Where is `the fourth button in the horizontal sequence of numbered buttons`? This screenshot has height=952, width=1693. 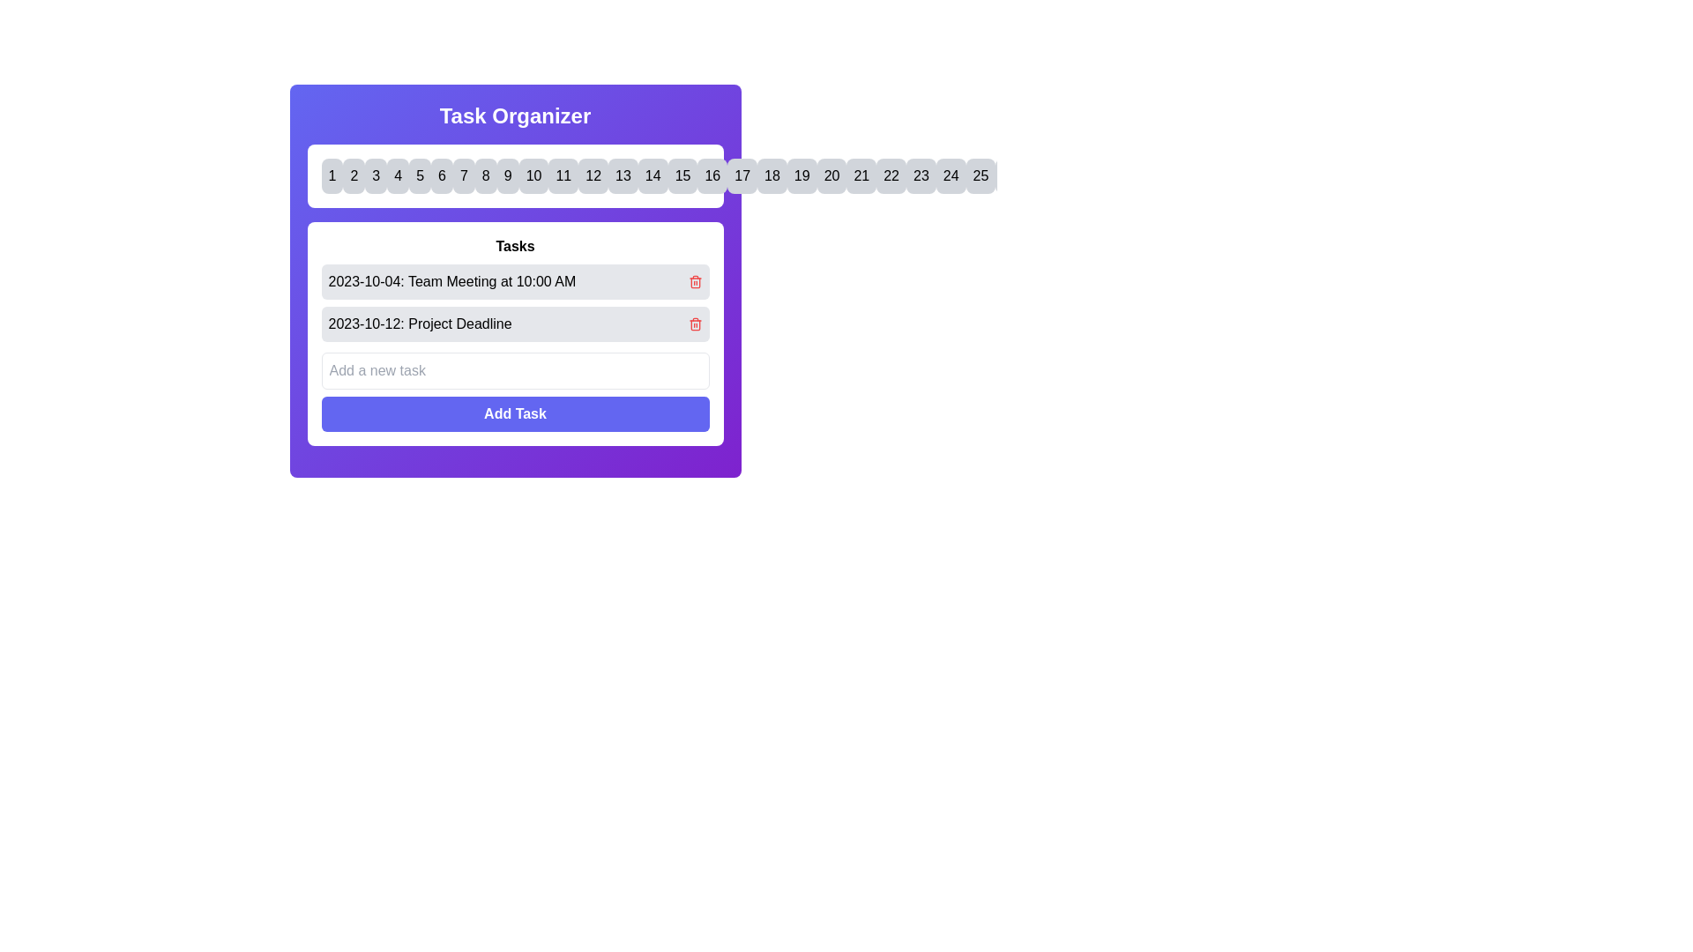
the fourth button in the horizontal sequence of numbered buttons is located at coordinates (397, 176).